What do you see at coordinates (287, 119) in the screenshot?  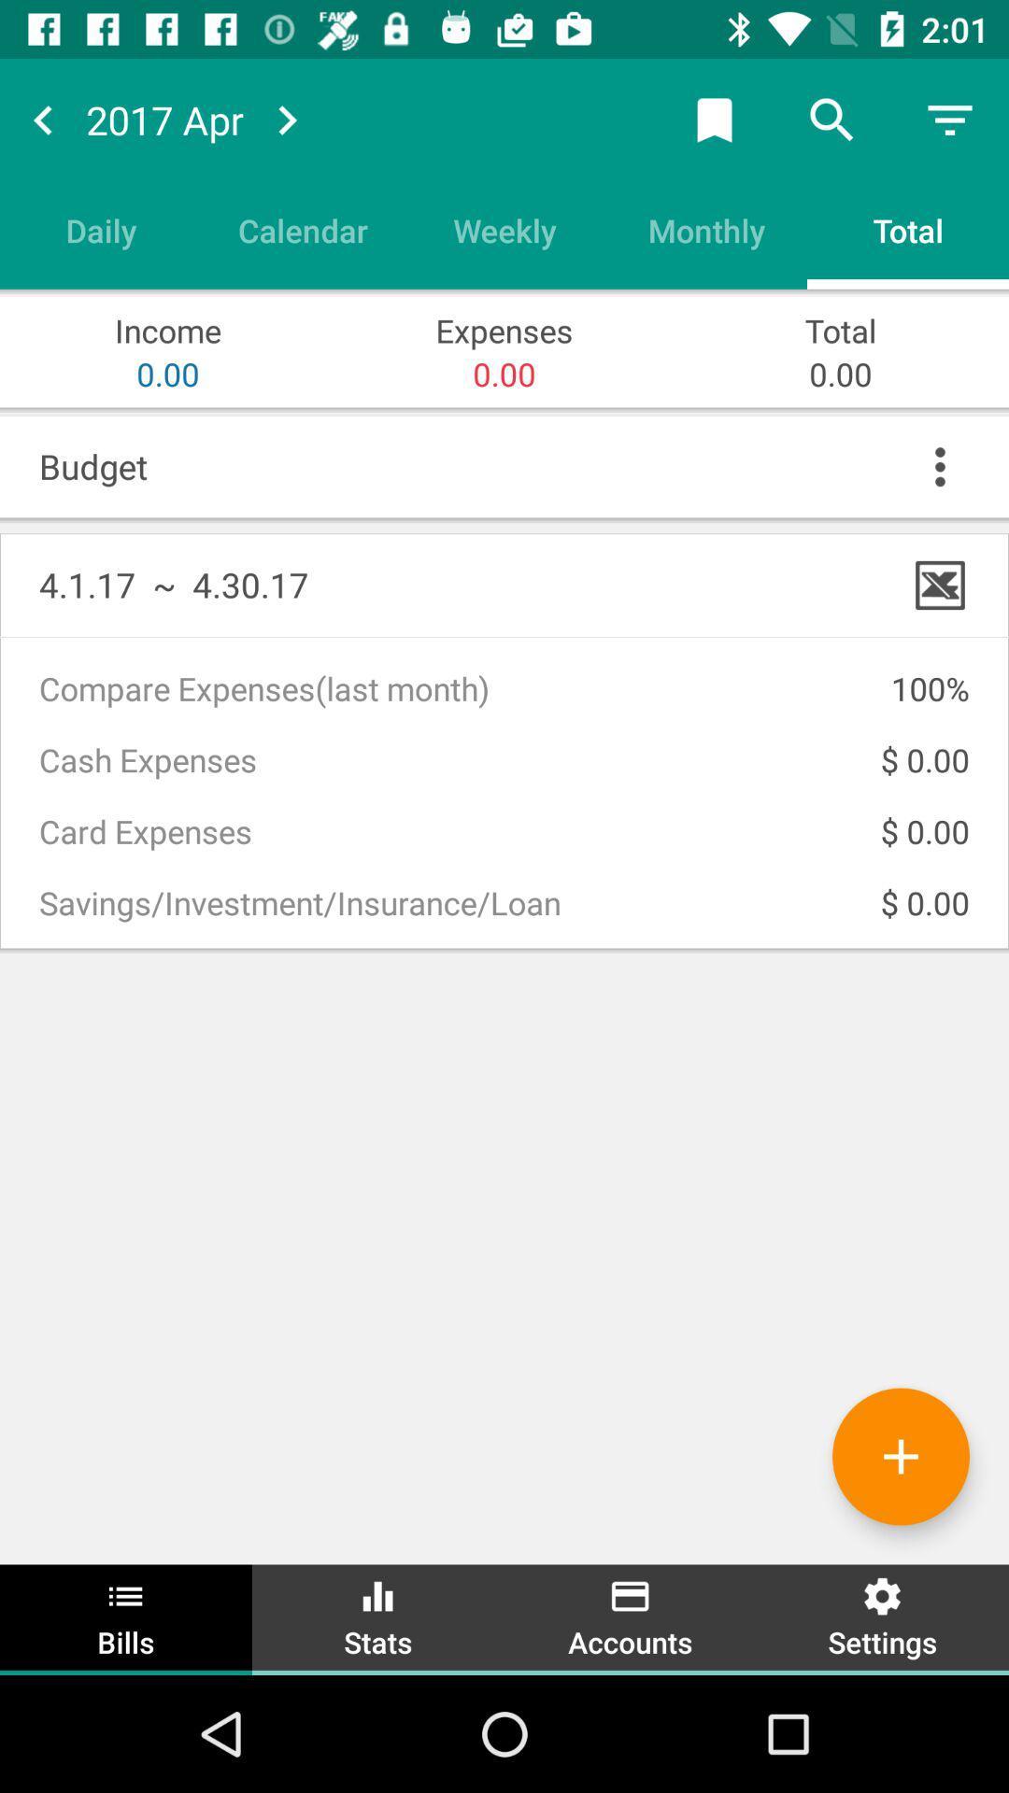 I see `next month` at bounding box center [287, 119].